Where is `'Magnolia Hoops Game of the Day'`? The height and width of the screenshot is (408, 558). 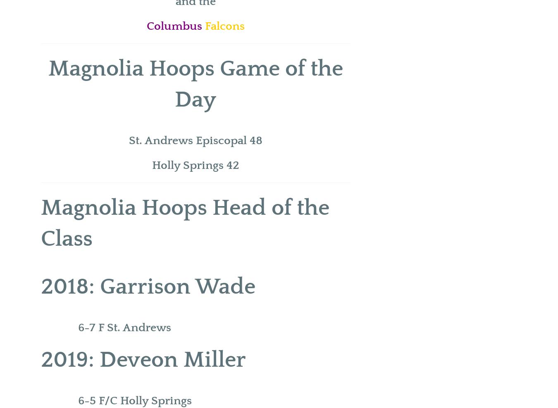 'Magnolia Hoops Game of the Day' is located at coordinates (195, 84).